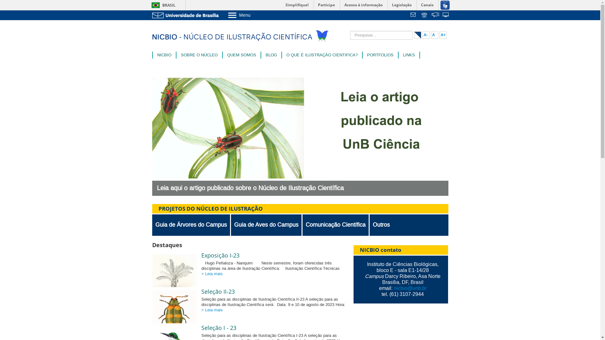  Describe the element at coordinates (410, 288) in the screenshot. I see `'nicbio@unb.br'` at that location.